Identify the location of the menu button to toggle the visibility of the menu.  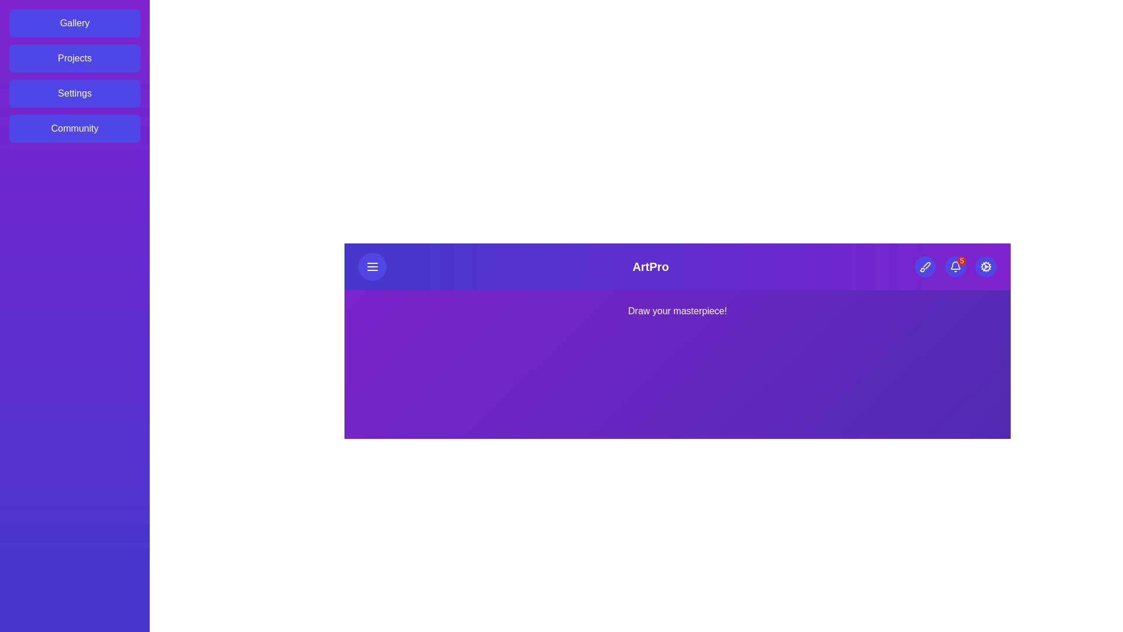
(372, 266).